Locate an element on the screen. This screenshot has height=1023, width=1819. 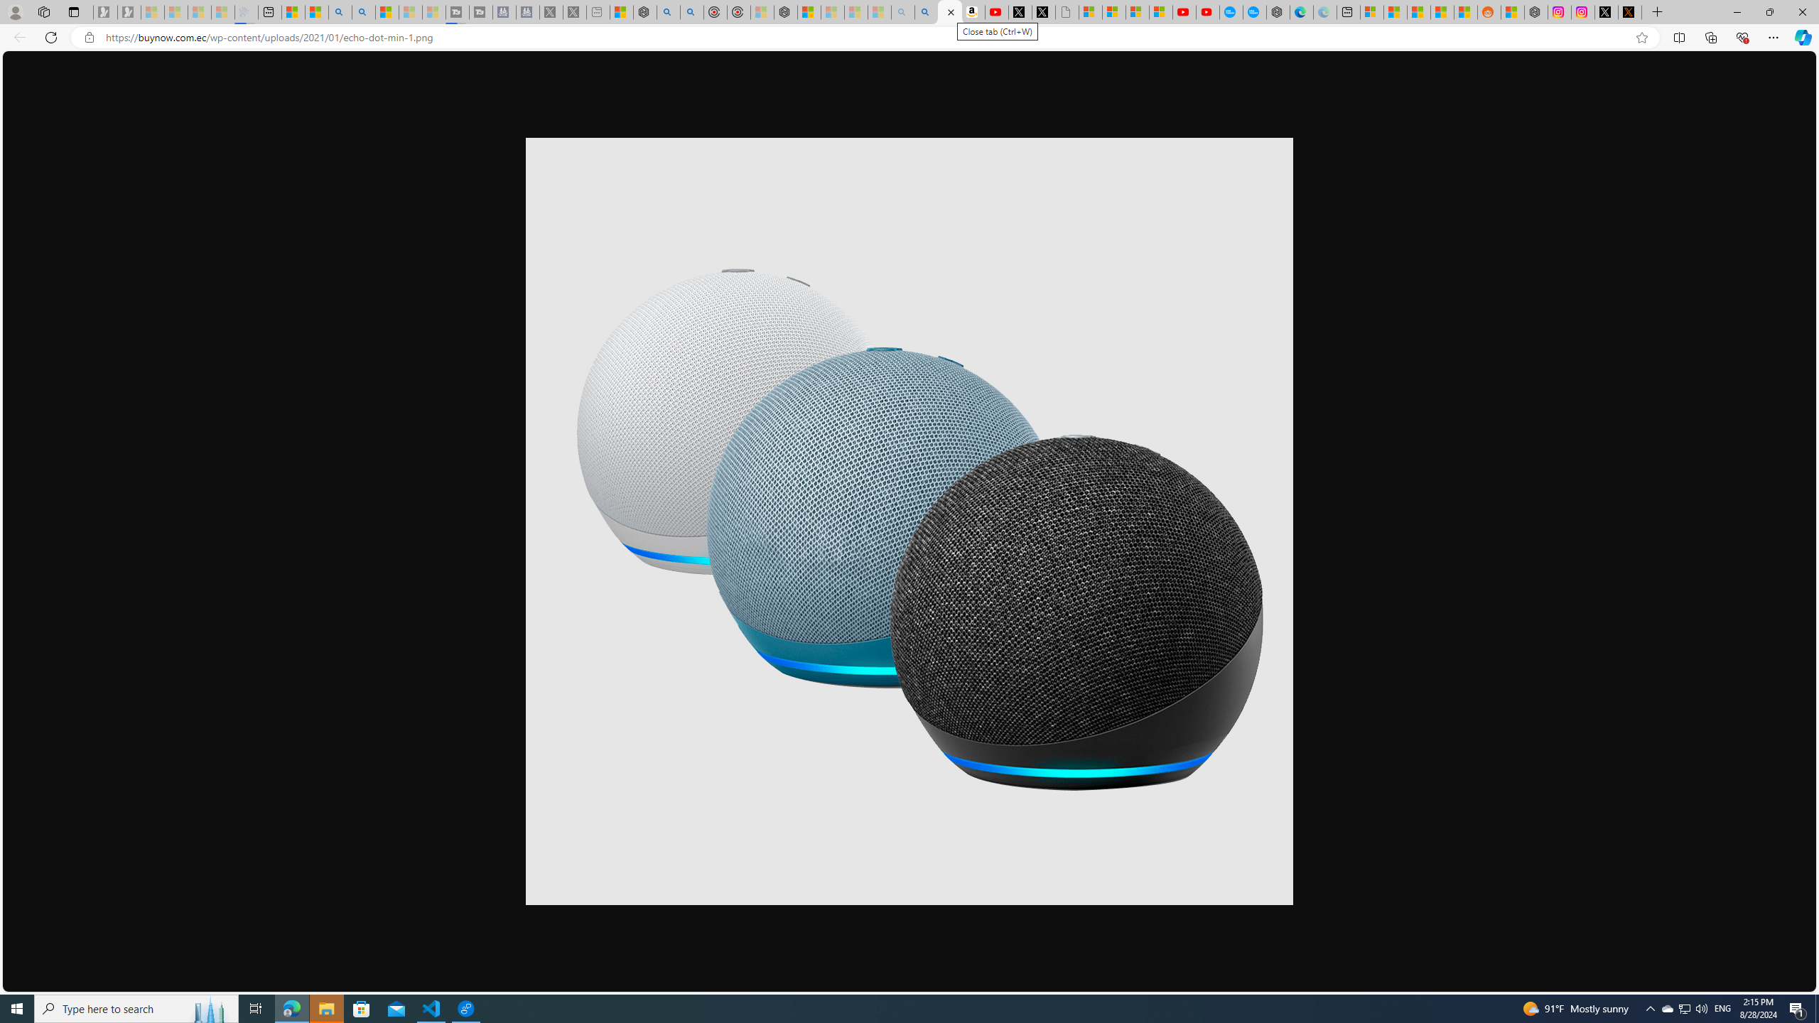
'Microsoft account | Microsoft Account Privacy Settings' is located at coordinates (1372, 11).